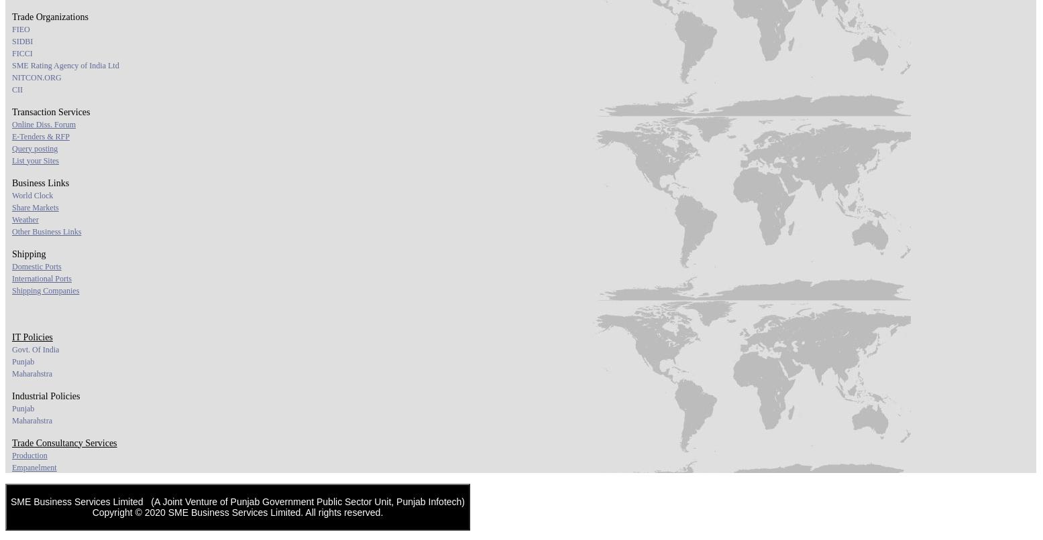  I want to click on 'NITCON.ORG', so click(12, 76).